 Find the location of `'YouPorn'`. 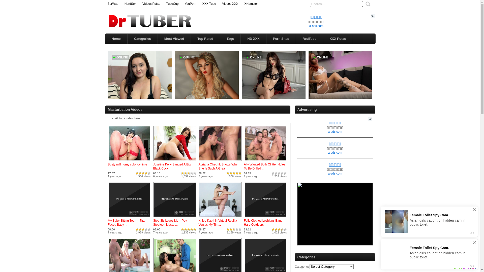

'YouPorn' is located at coordinates (185, 4).